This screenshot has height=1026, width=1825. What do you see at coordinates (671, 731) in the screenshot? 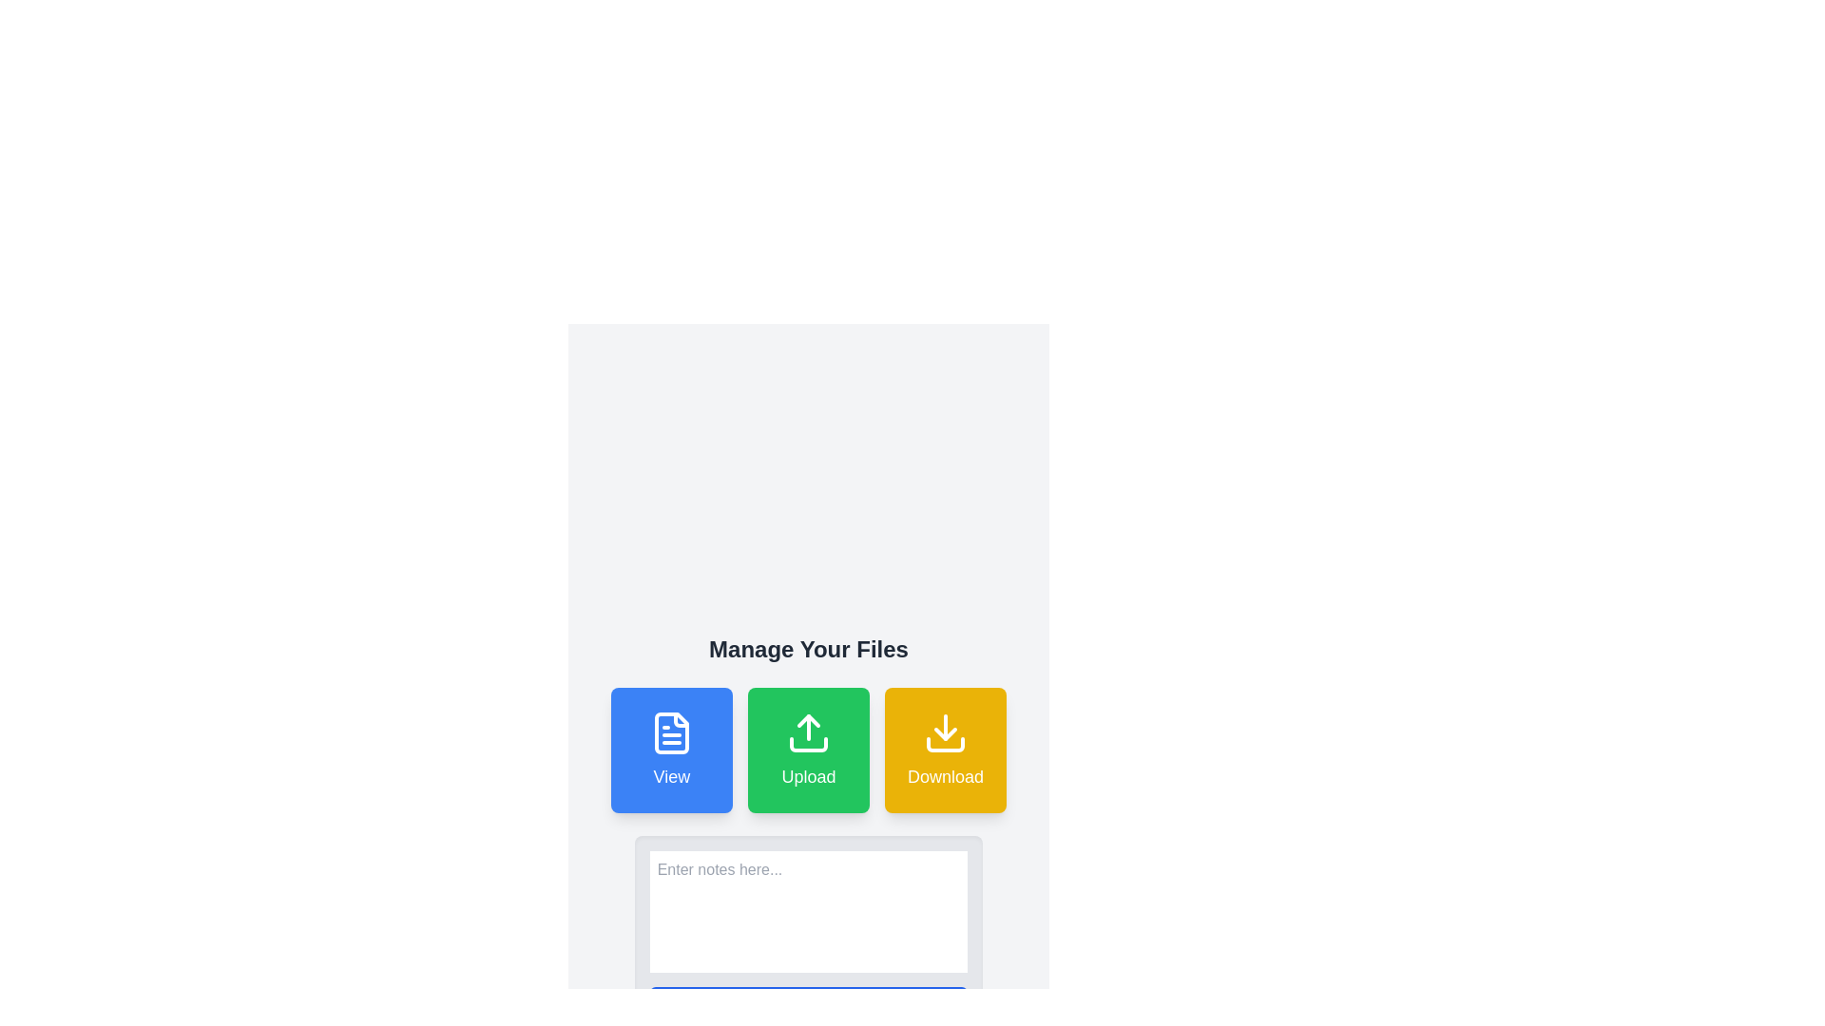
I see `the Icon representing a file with text lines within the blue square button labeled 'View'` at bounding box center [671, 731].